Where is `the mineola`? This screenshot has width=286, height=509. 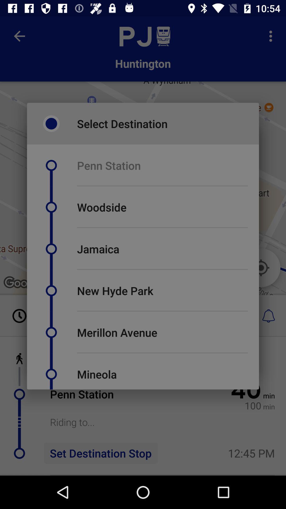
the mineola is located at coordinates (97, 374).